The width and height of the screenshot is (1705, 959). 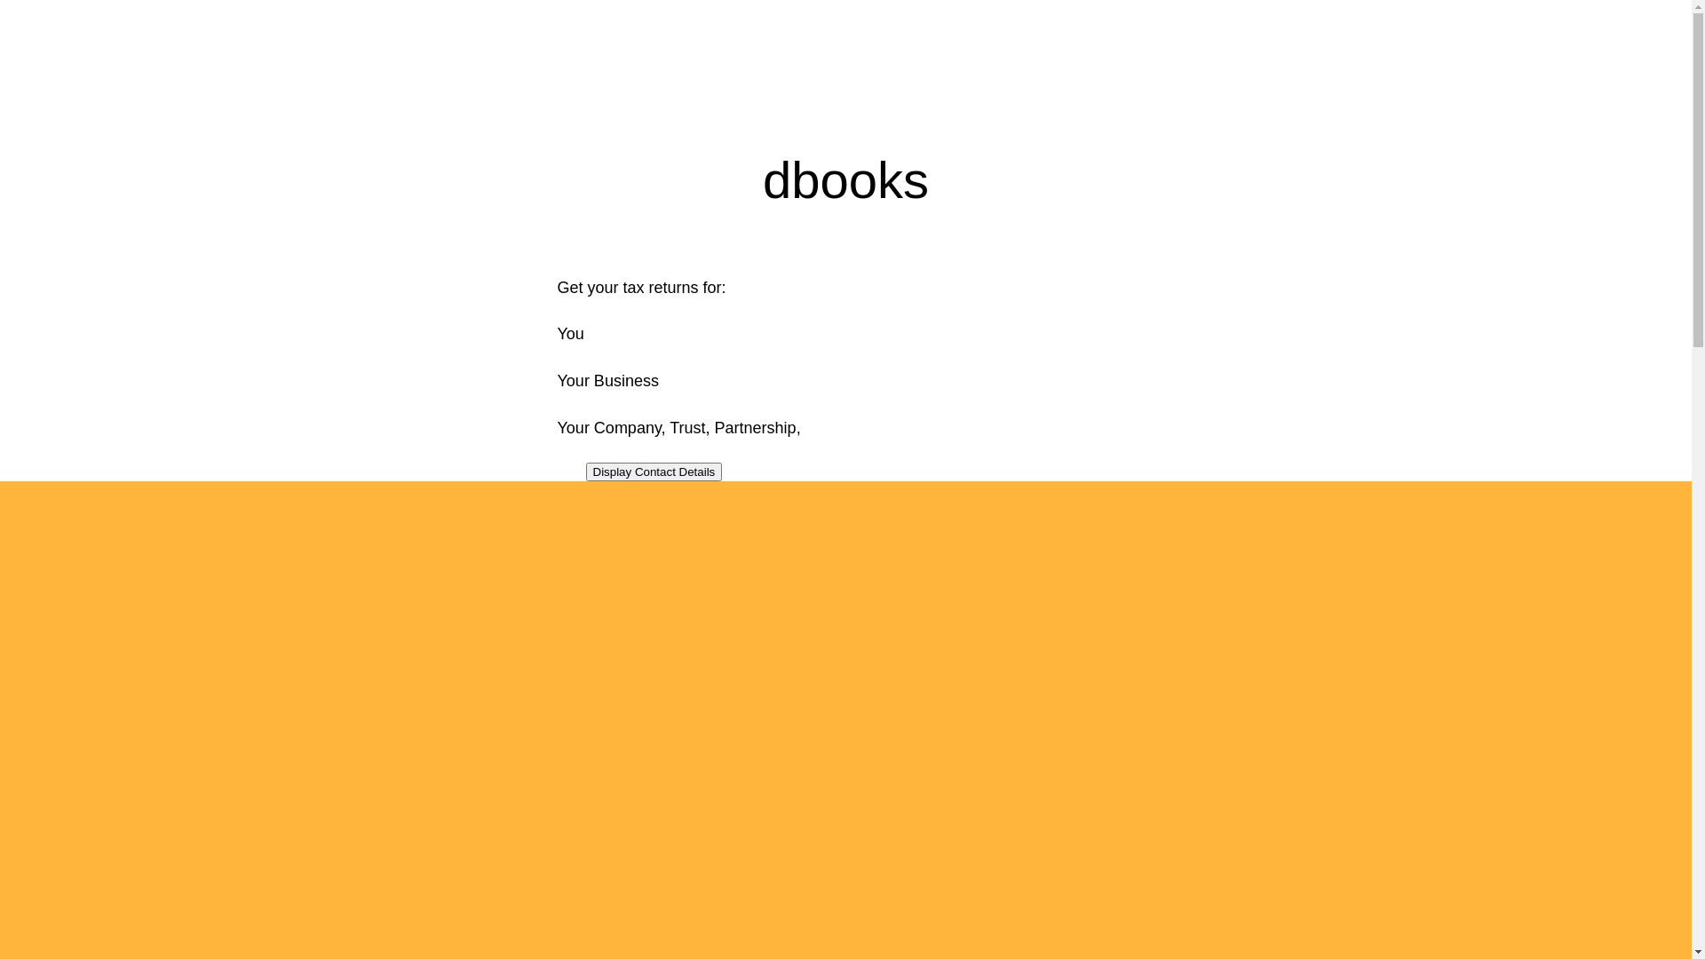 What do you see at coordinates (654, 471) in the screenshot?
I see `'Display Contact Details'` at bounding box center [654, 471].